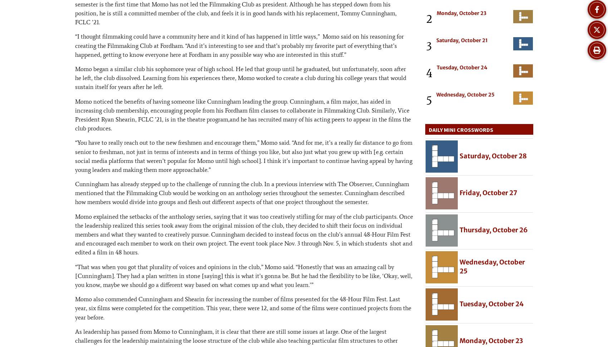  What do you see at coordinates (462, 40) in the screenshot?
I see `'Saturday, October 21'` at bounding box center [462, 40].